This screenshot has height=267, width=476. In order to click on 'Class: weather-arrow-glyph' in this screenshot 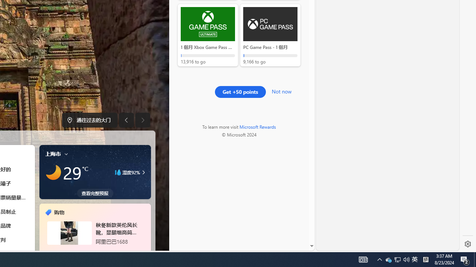, I will do `click(143, 172)`.